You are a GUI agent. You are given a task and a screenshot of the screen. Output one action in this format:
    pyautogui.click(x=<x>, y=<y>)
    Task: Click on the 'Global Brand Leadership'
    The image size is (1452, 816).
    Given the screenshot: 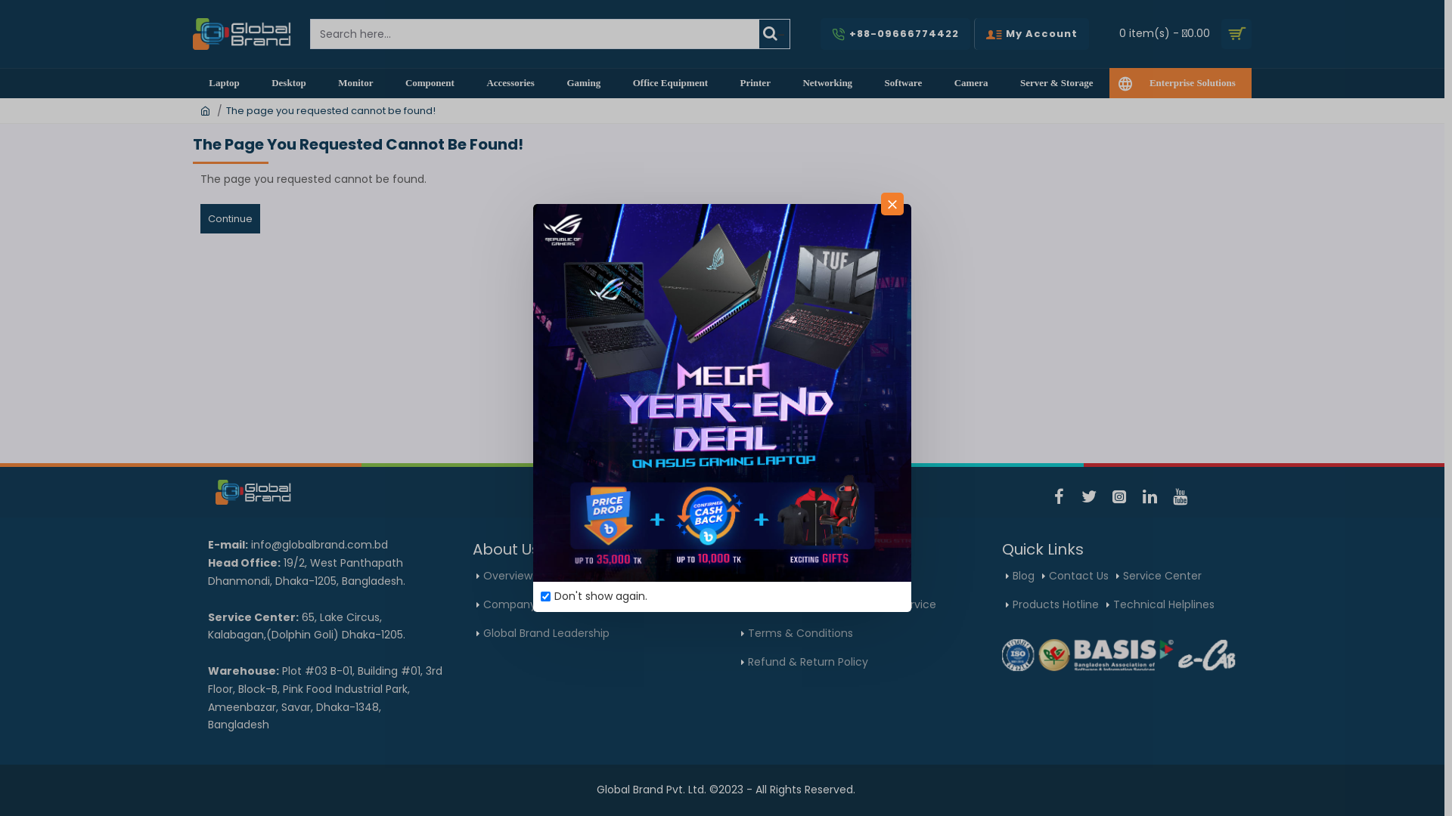 What is the action you would take?
    pyautogui.click(x=543, y=634)
    